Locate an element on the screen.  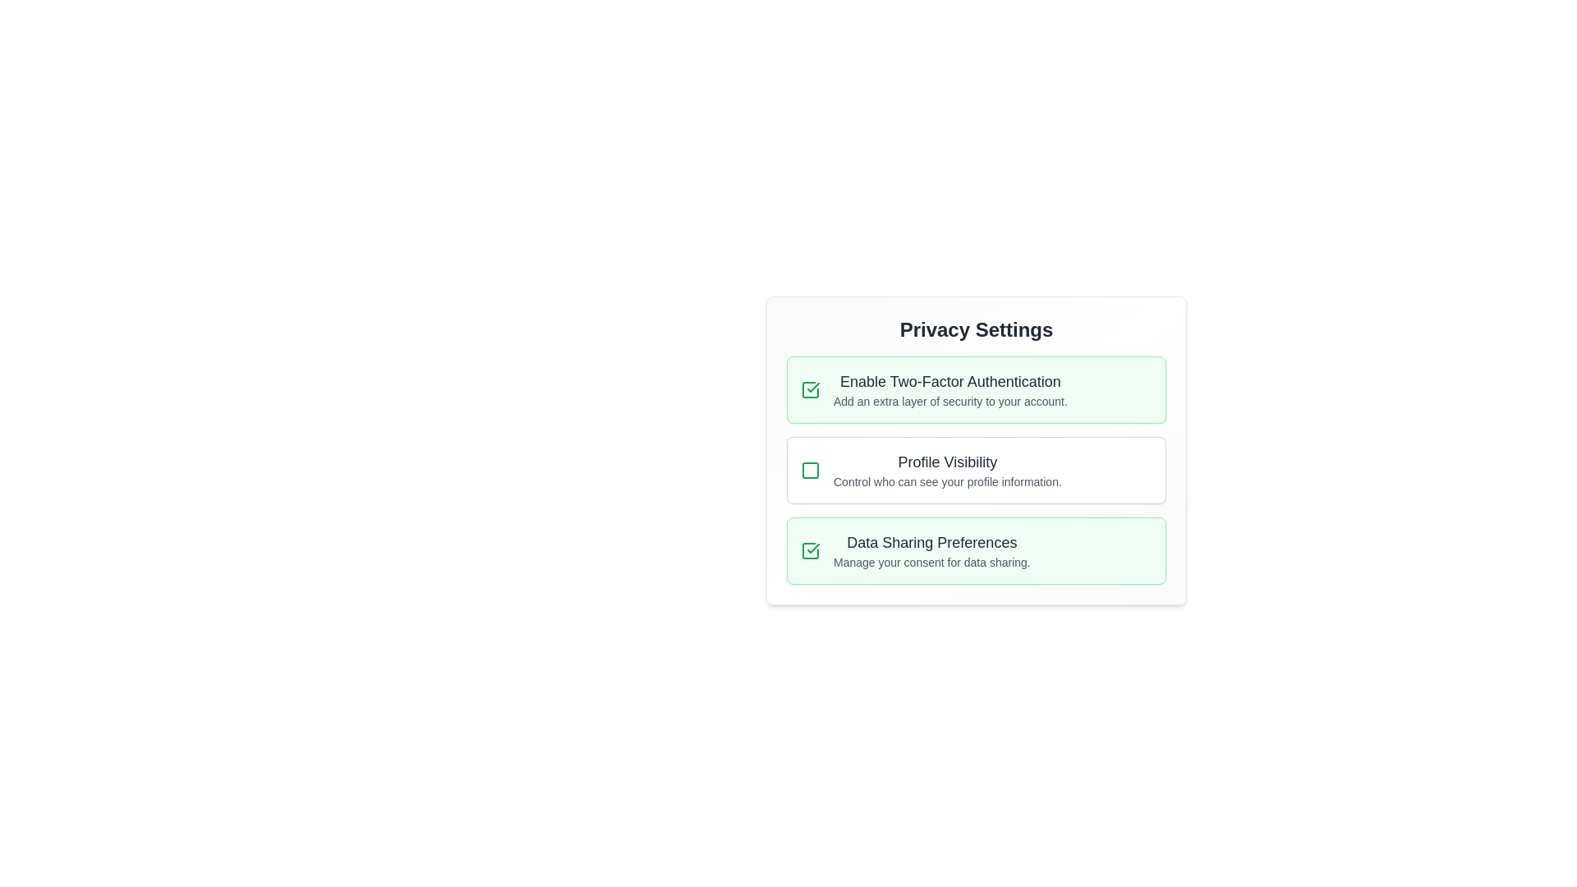
the text element reading 'Control who can see your profile information.' which is located beneath the 'Profile Visibility' section in the 'Privacy Settings' is located at coordinates (947, 480).